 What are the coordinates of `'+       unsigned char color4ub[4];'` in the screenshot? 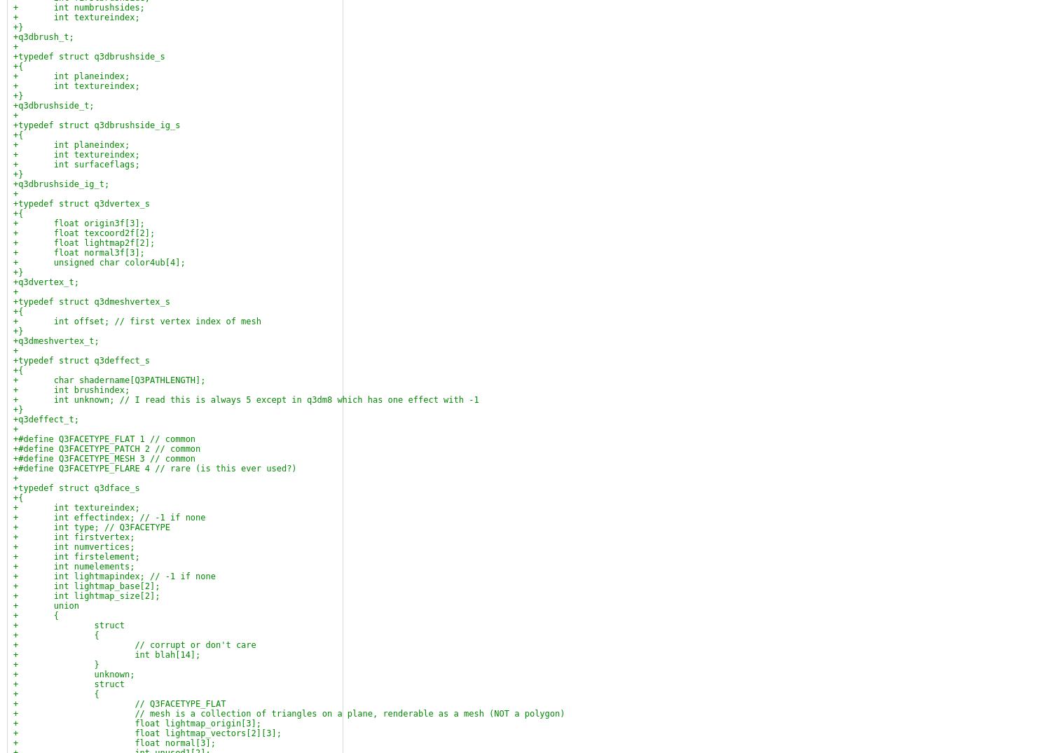 It's located at (99, 262).